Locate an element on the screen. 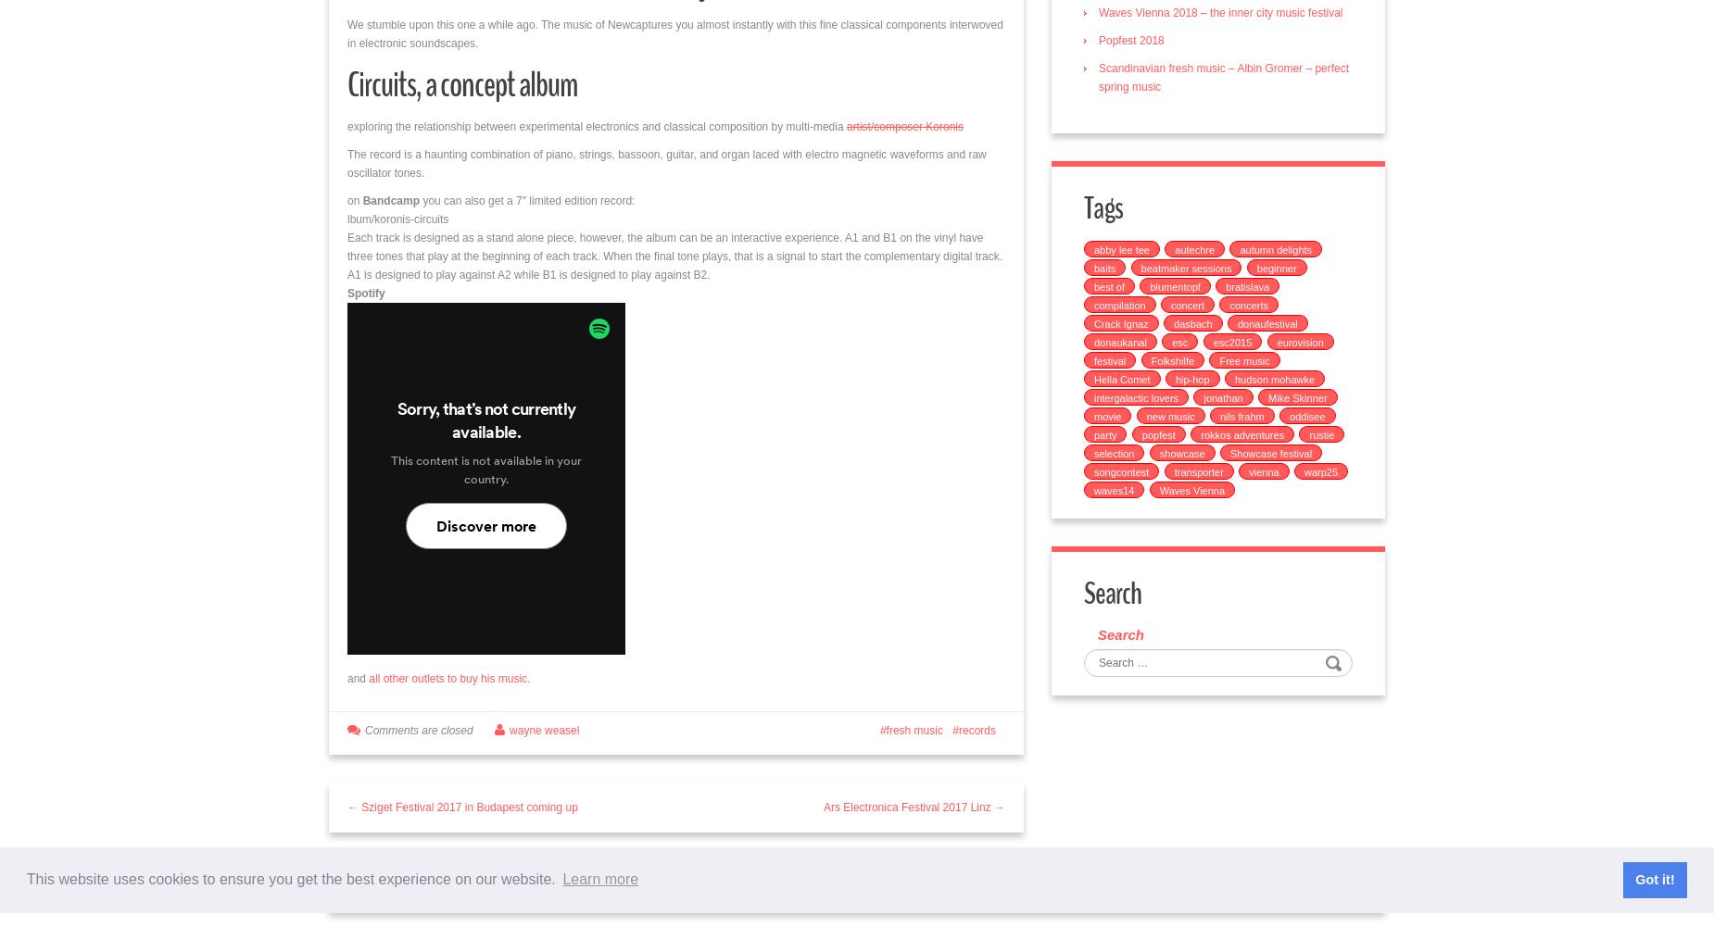  'Crack Ignaz' is located at coordinates (1120, 323).